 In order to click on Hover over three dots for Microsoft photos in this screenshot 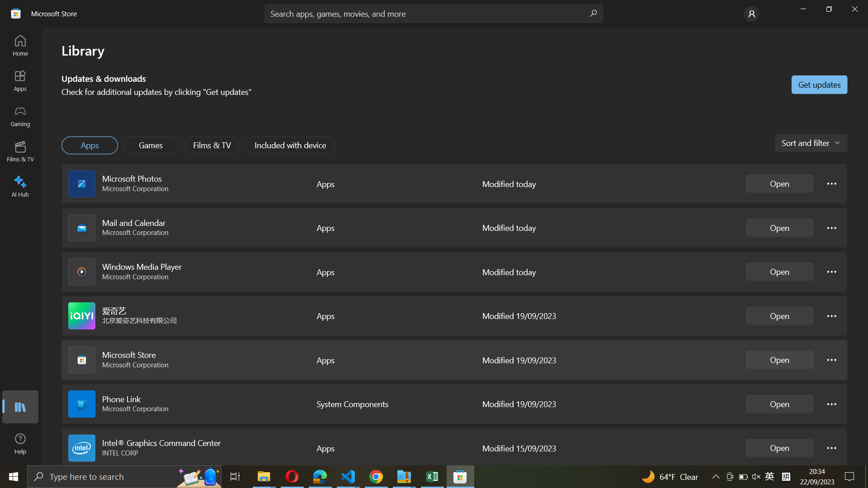, I will do `click(1595818, 198616)`.